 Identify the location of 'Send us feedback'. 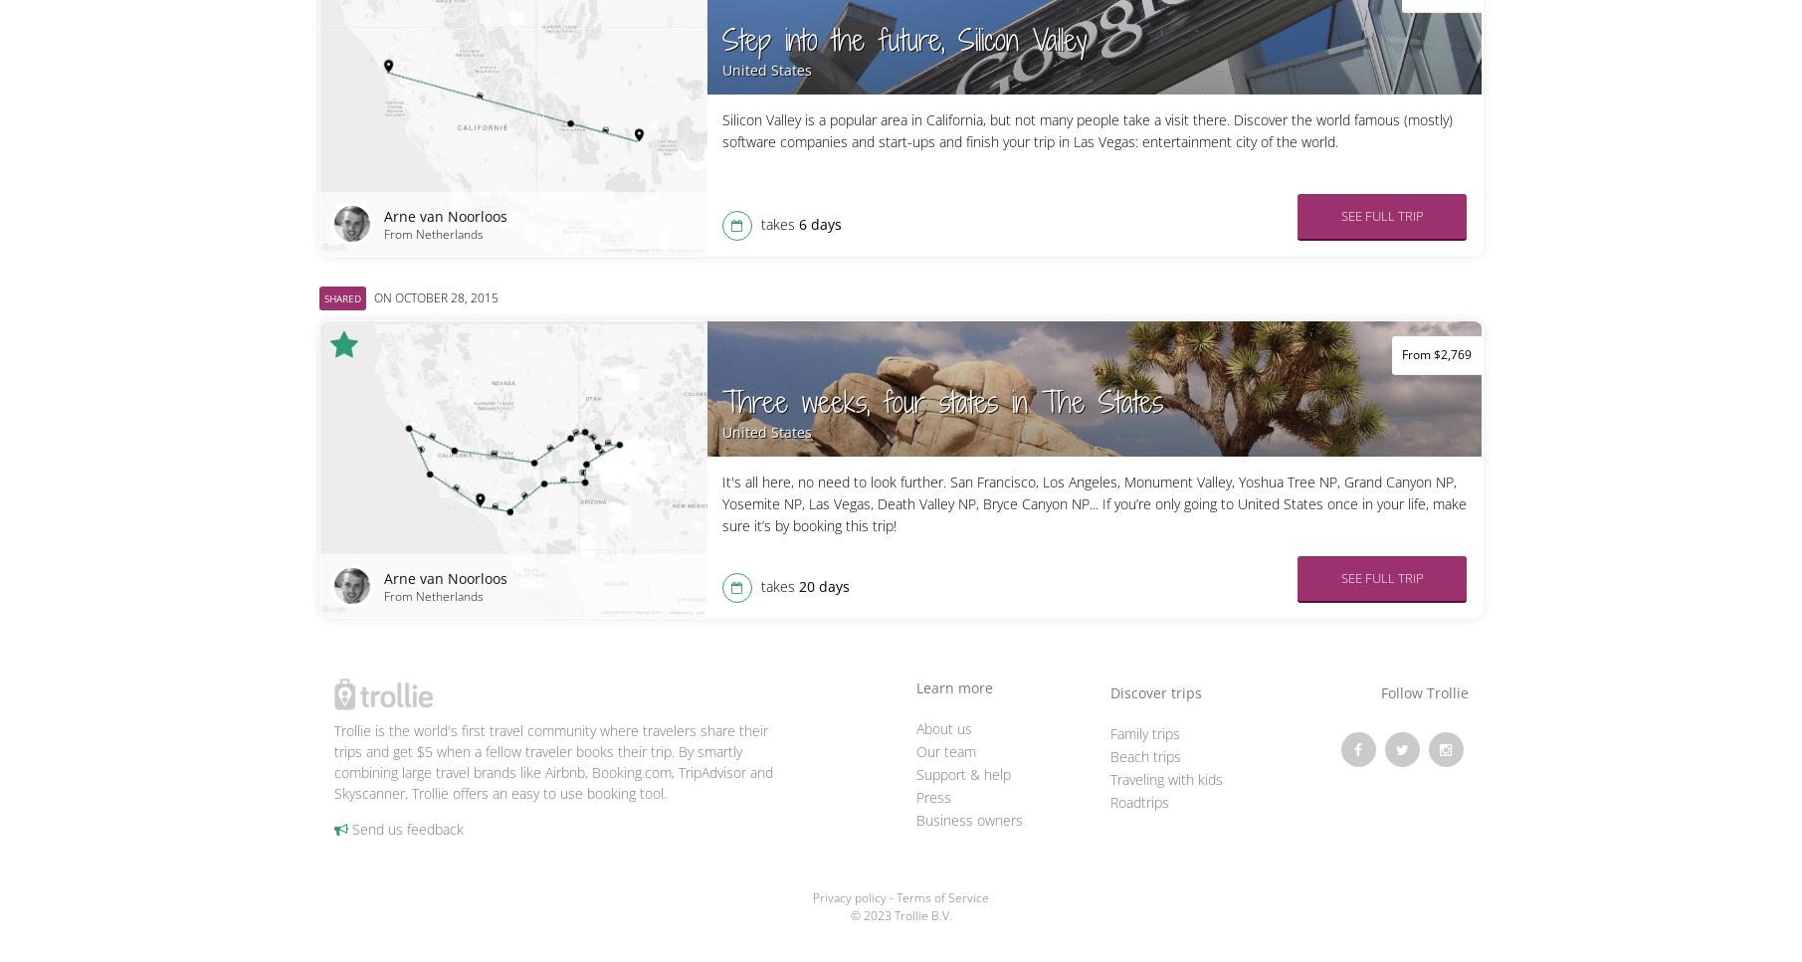
(404, 828).